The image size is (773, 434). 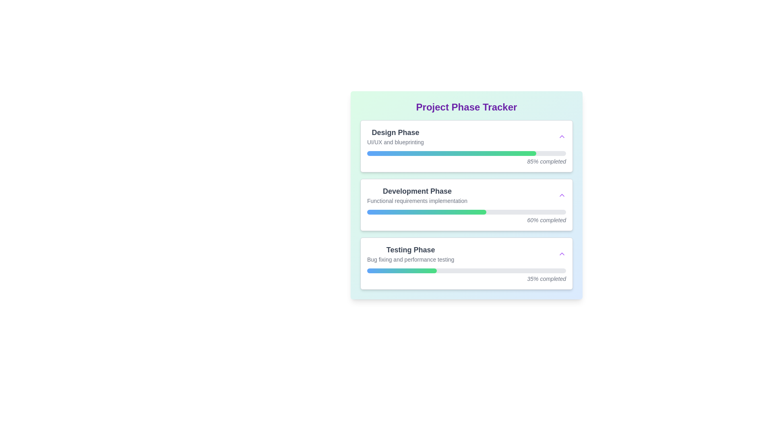 I want to click on the filled portion of the progress bar segment in the 'Testing Phase' section, which is styled with a gradient from blue to green and indicates progress, so click(x=402, y=271).